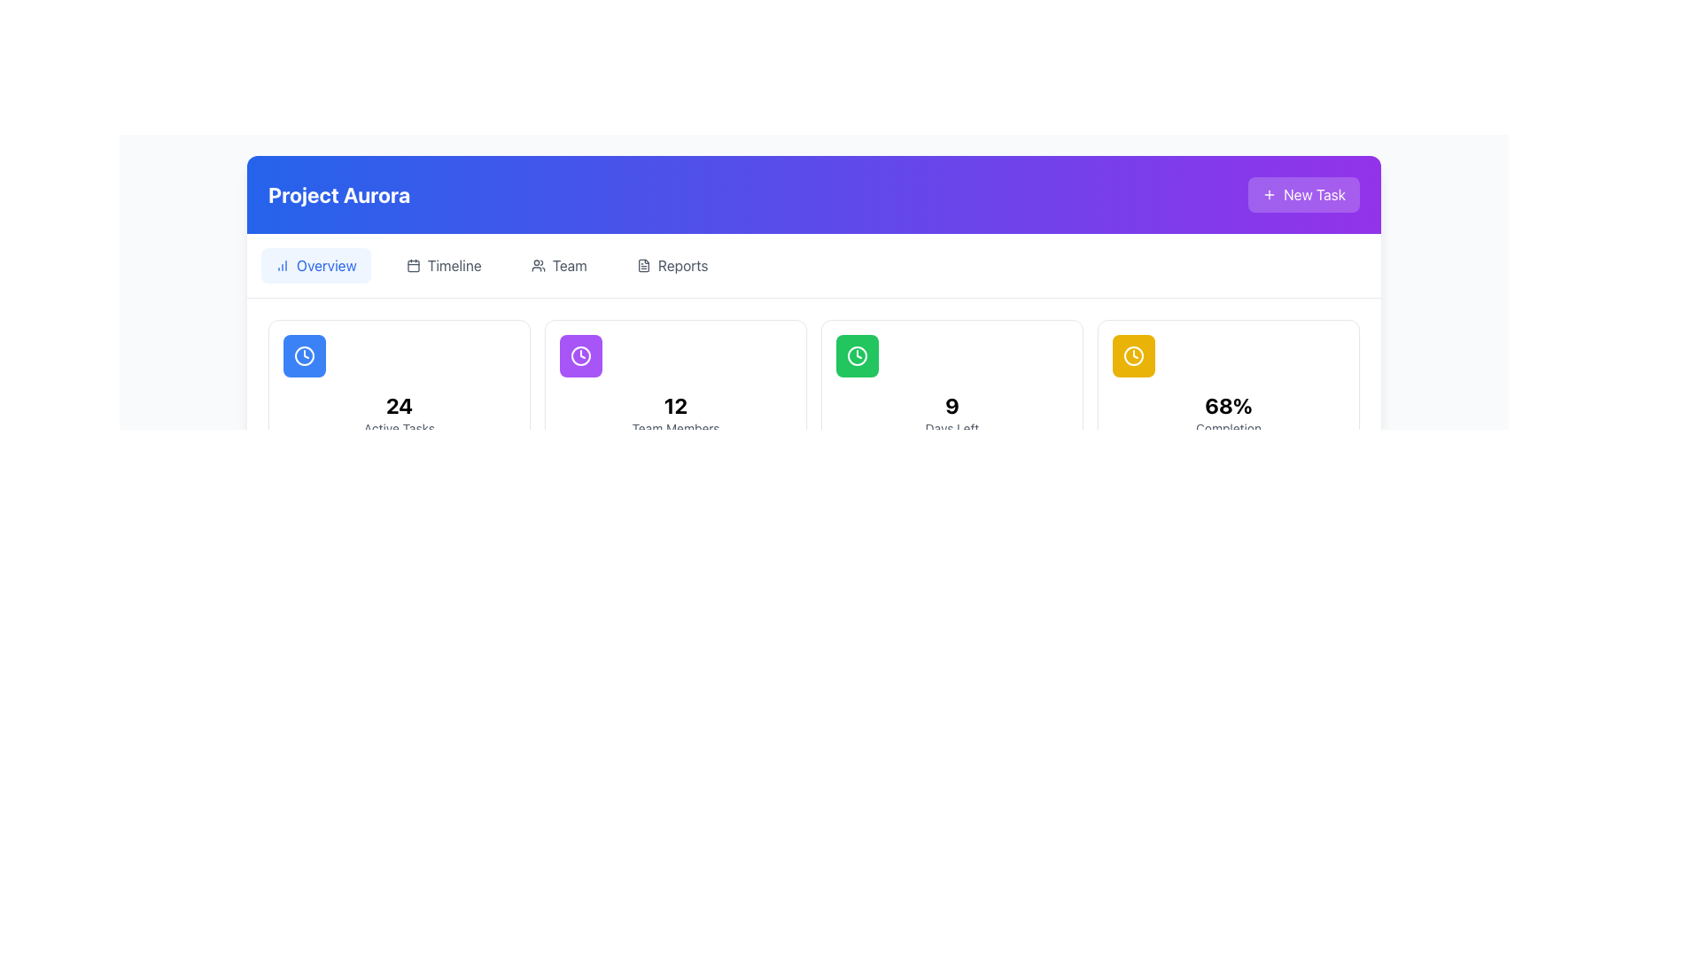 Image resolution: width=1701 pixels, height=957 pixels. Describe the element at coordinates (1304, 194) in the screenshot. I see `the 'New Task' button with a light purple background for accessibility navigation` at that location.